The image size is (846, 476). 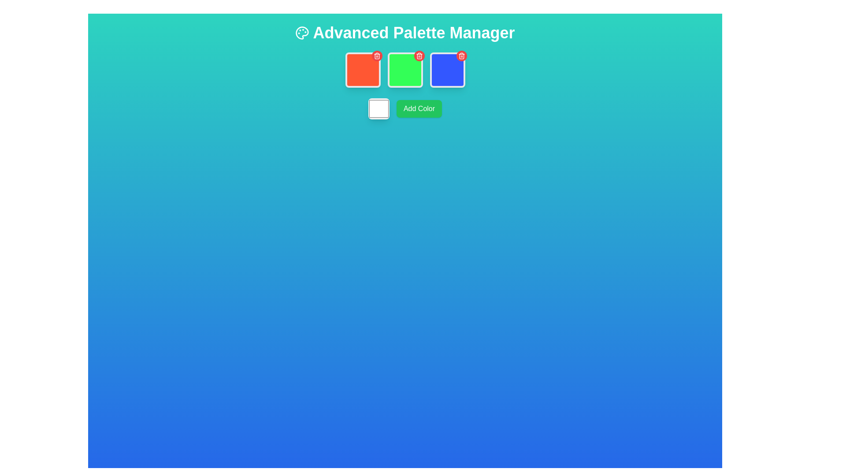 What do you see at coordinates (377, 56) in the screenshot?
I see `the delete button located at the top-right corner of the red-colored square to change its appearance` at bounding box center [377, 56].